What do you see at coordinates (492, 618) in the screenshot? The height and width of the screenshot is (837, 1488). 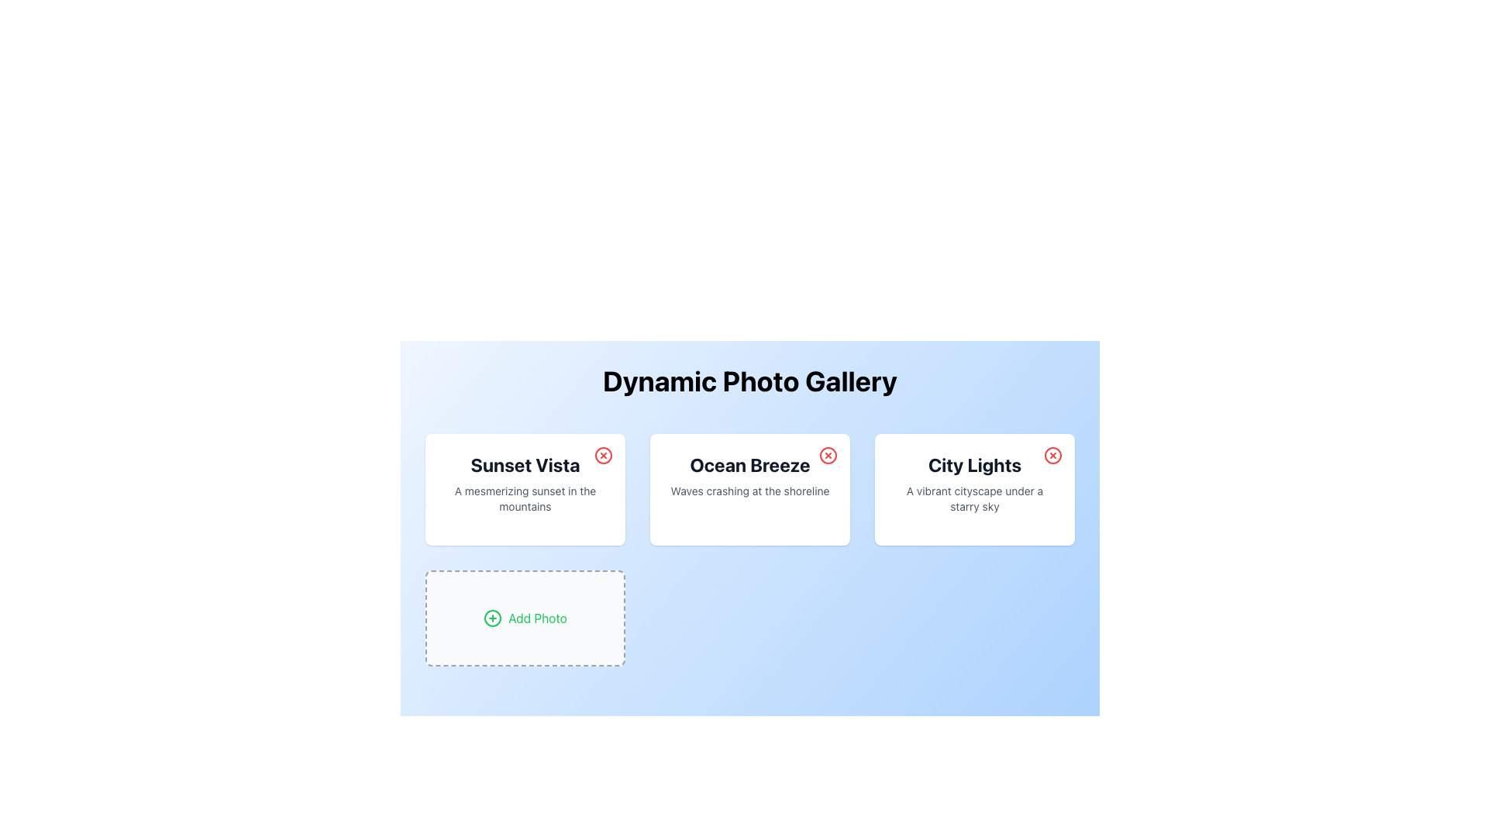 I see `the circular green plus icon button located in the 'Add Photo' section` at bounding box center [492, 618].